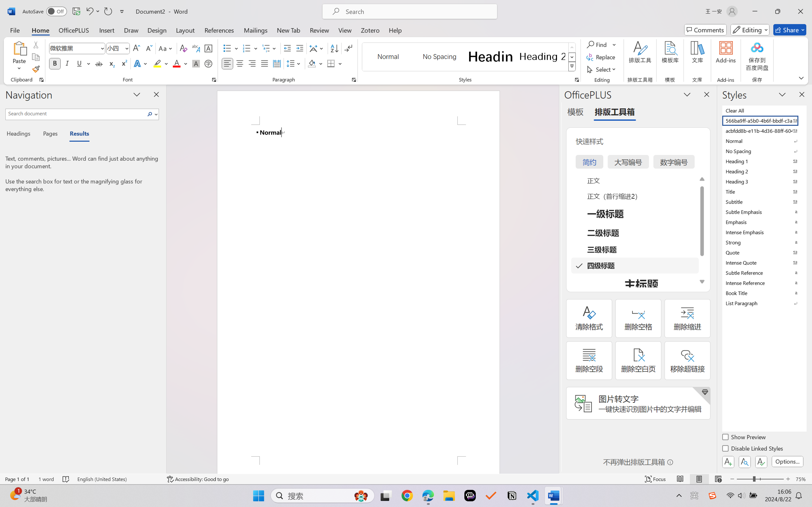  Describe the element at coordinates (763, 191) in the screenshot. I see `'Title'` at that location.